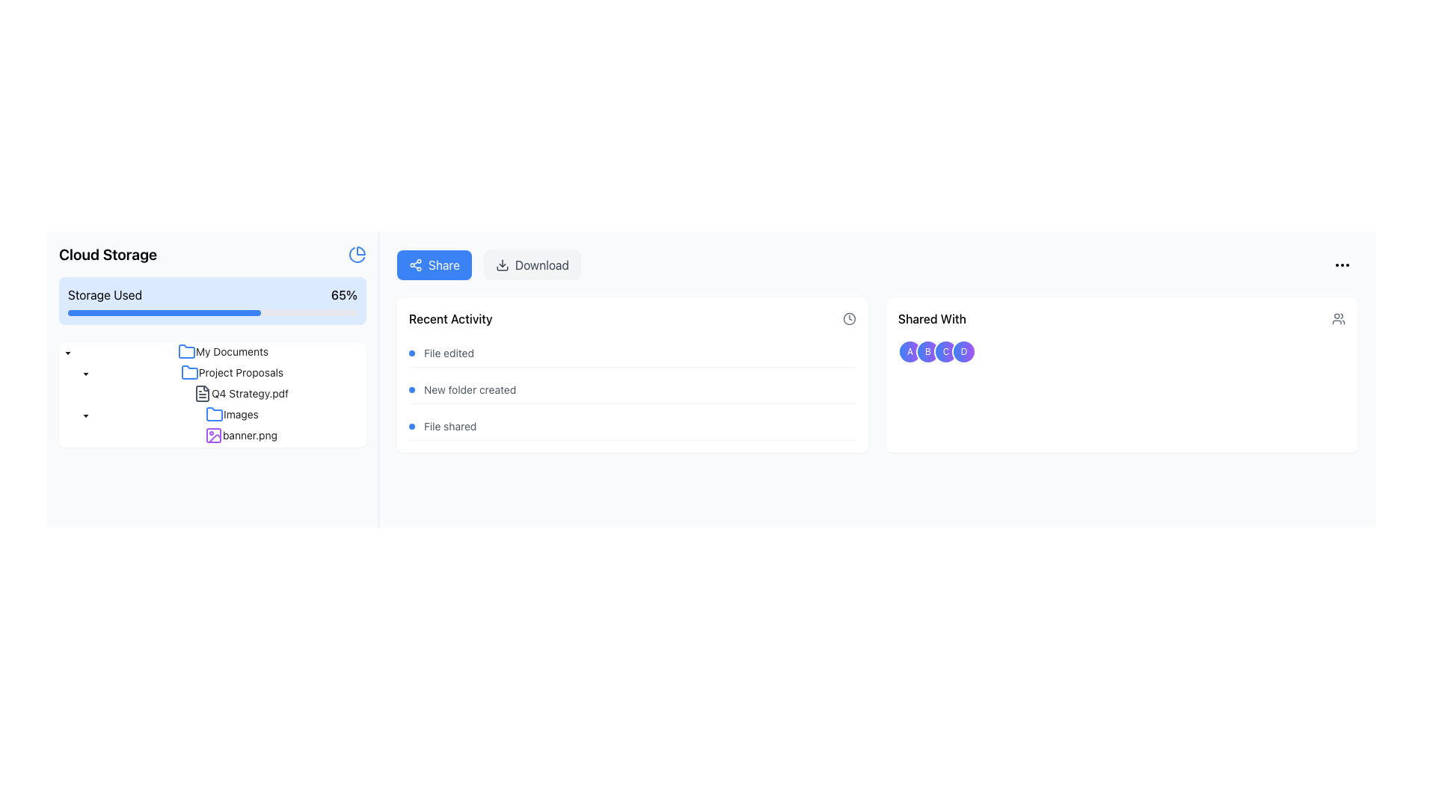  What do you see at coordinates (107, 253) in the screenshot?
I see `the 'Cloud Storage' text label, which is a prominent header styled in large, bold font located at the top-left area of its section` at bounding box center [107, 253].